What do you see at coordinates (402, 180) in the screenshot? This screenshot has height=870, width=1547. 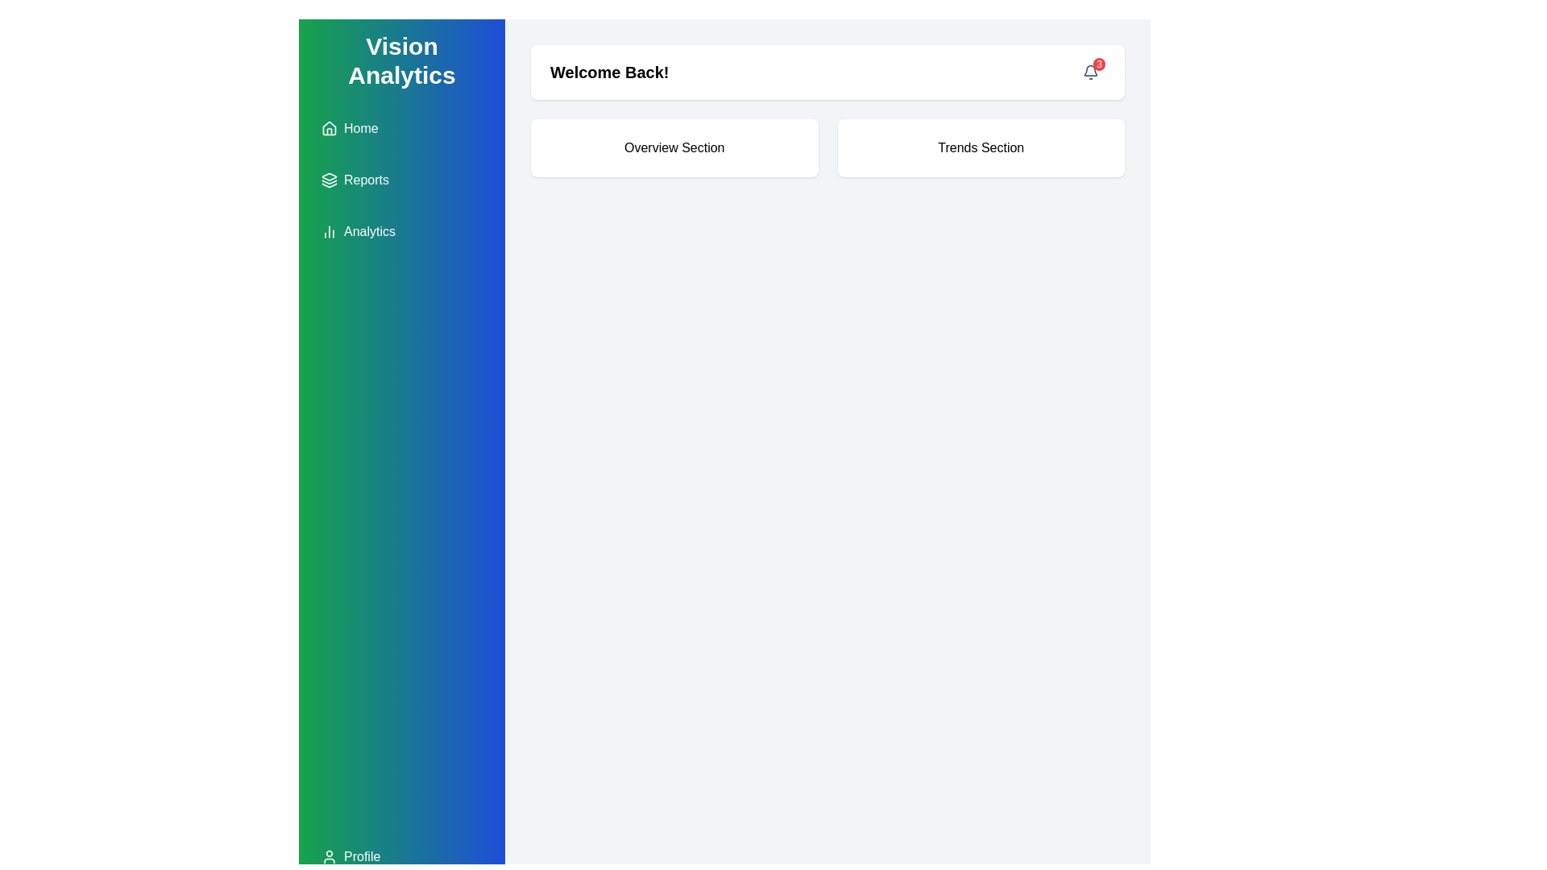 I see `the 'Reports' navigation button in the left sidebar` at bounding box center [402, 180].